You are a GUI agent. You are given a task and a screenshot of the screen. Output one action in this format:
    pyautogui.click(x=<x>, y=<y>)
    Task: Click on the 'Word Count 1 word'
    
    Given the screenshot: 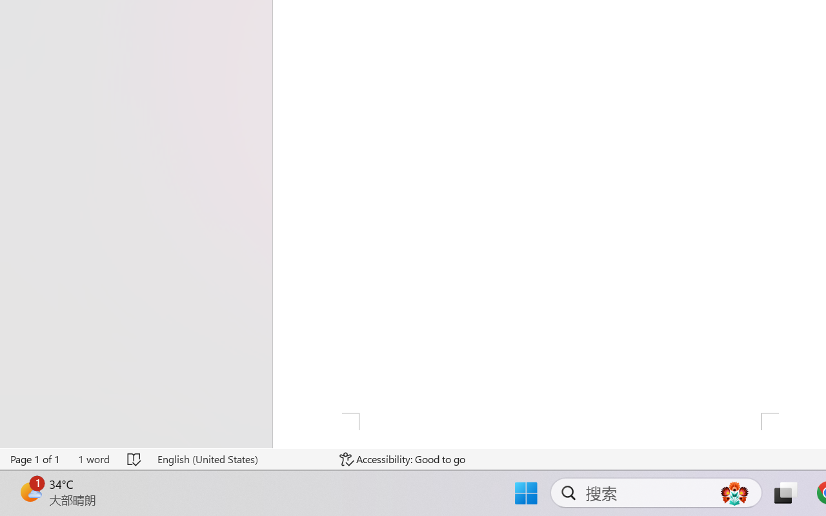 What is the action you would take?
    pyautogui.click(x=93, y=459)
    